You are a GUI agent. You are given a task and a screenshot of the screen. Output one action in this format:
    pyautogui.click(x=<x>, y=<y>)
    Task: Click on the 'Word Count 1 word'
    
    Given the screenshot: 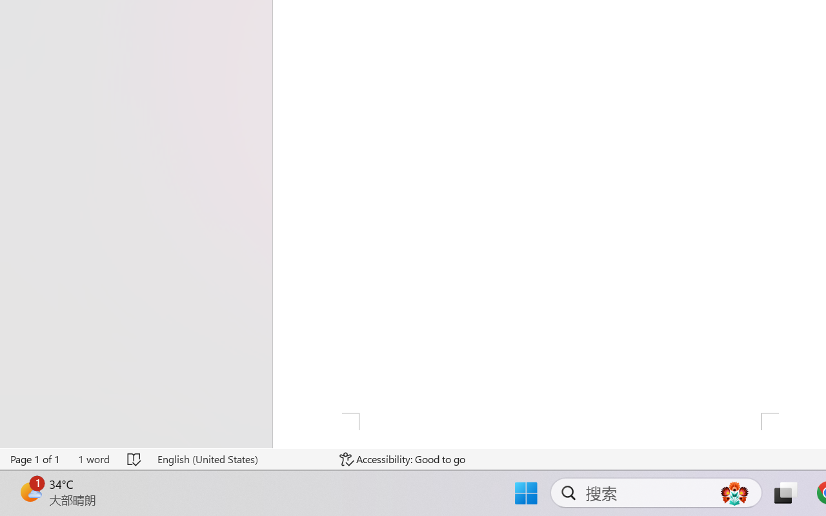 What is the action you would take?
    pyautogui.click(x=93, y=459)
    